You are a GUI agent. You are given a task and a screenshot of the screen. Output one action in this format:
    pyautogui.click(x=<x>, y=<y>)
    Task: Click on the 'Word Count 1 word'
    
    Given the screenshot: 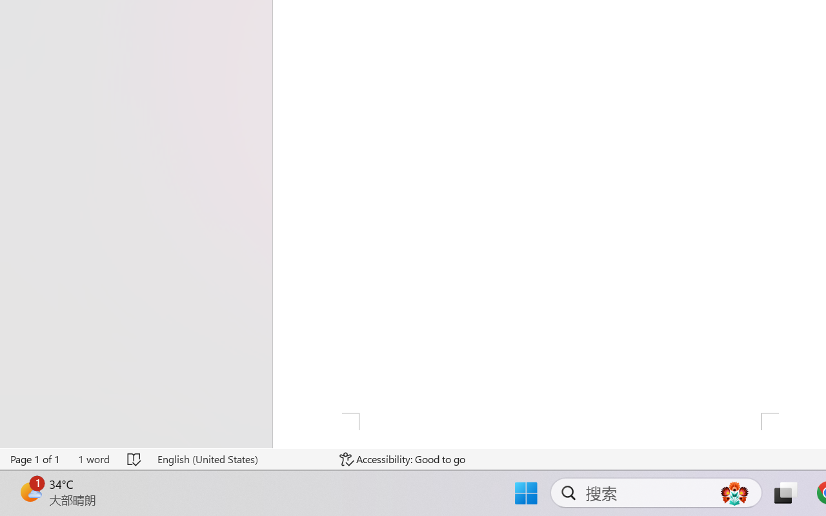 What is the action you would take?
    pyautogui.click(x=93, y=459)
    